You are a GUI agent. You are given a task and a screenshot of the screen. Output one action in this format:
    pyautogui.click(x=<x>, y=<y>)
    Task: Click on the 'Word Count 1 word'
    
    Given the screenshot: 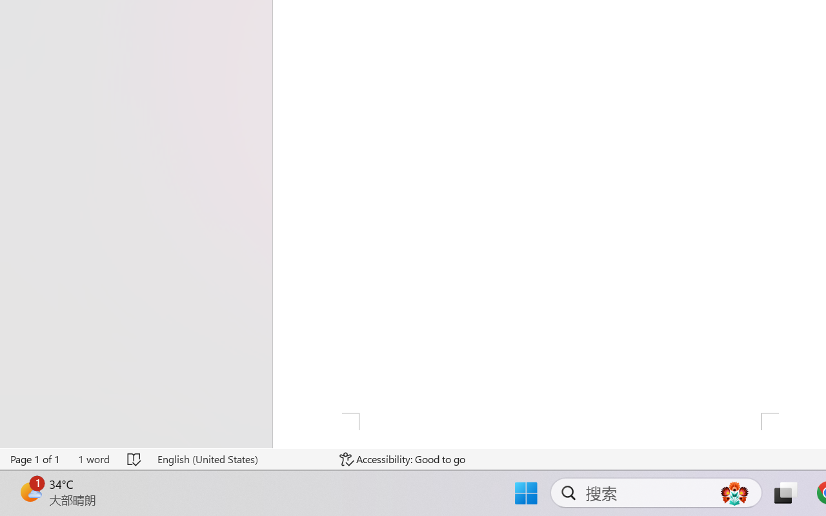 What is the action you would take?
    pyautogui.click(x=93, y=459)
    